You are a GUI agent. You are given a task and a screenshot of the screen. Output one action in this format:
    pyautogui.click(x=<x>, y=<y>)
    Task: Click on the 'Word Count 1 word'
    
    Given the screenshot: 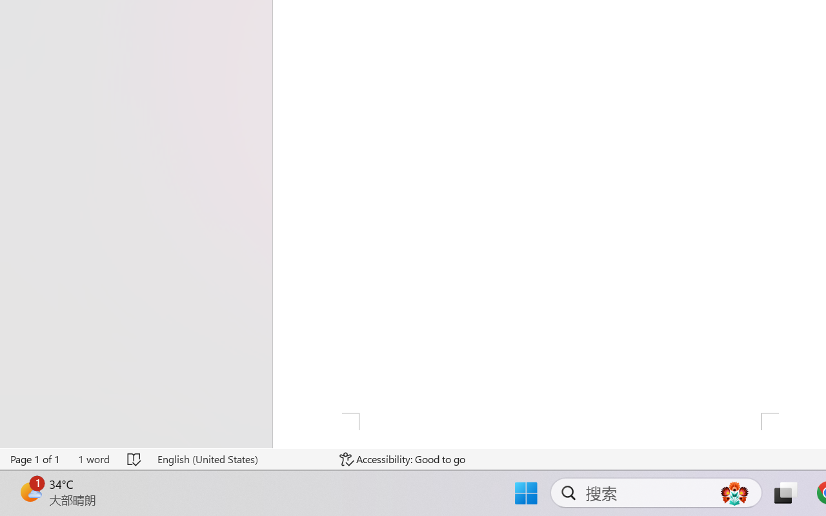 What is the action you would take?
    pyautogui.click(x=93, y=459)
    